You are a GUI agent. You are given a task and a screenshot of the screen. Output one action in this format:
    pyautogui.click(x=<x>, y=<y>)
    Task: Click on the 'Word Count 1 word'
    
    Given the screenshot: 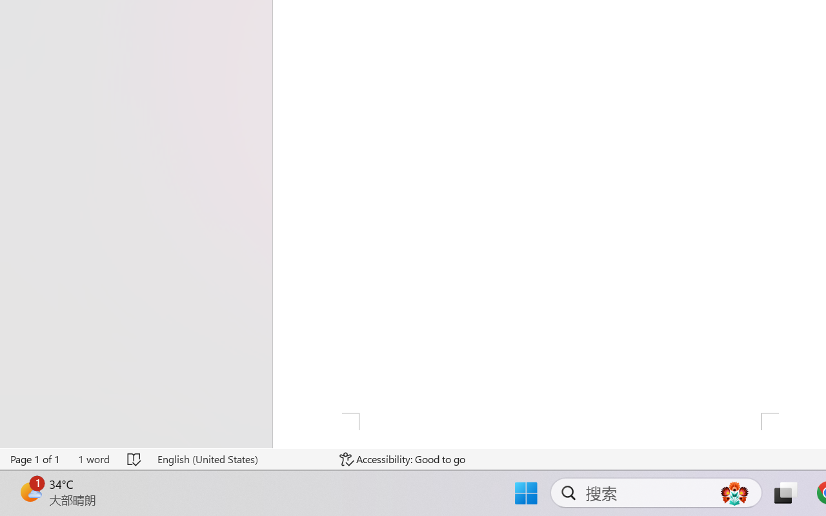 What is the action you would take?
    pyautogui.click(x=93, y=459)
    